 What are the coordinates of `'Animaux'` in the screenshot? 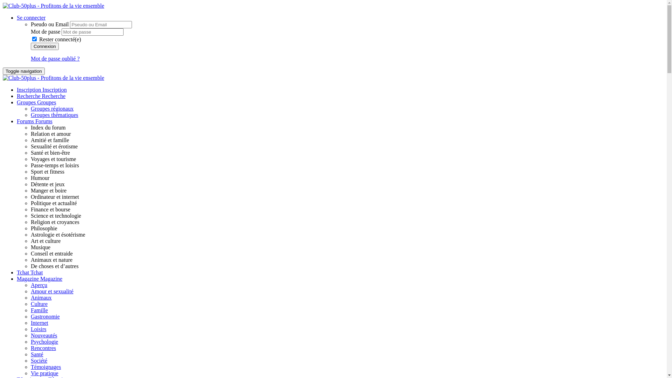 It's located at (41, 297).